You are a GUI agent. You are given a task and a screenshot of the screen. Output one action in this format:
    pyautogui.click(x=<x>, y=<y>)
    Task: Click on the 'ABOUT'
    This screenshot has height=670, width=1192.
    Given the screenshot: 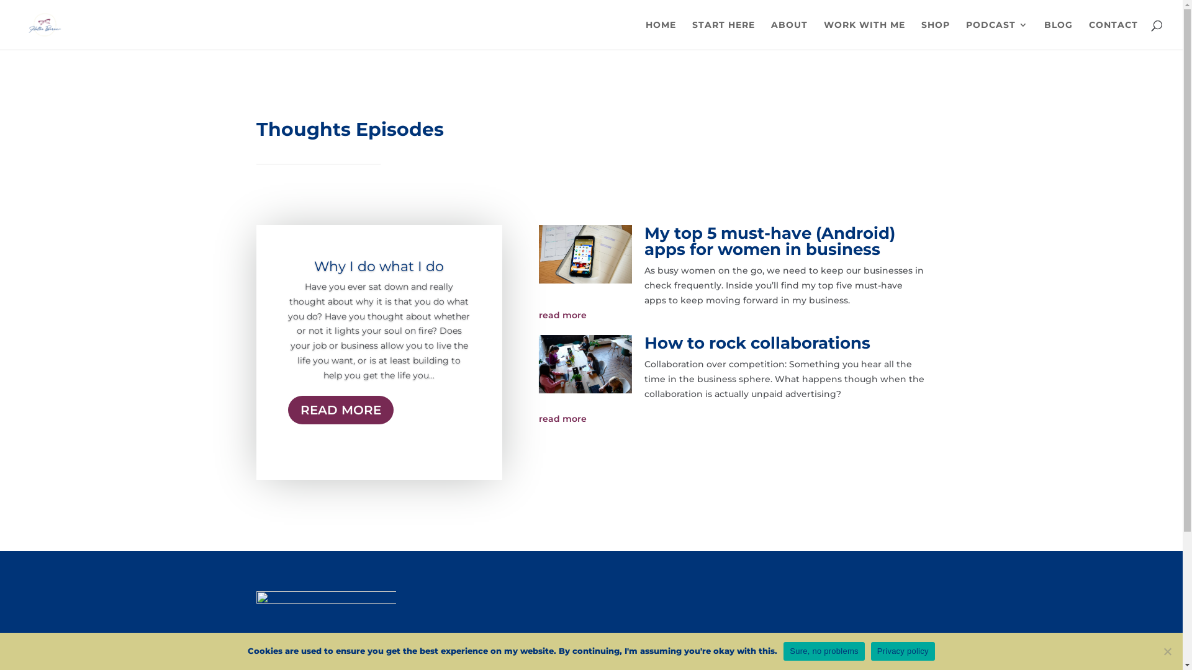 What is the action you would take?
    pyautogui.click(x=770, y=34)
    